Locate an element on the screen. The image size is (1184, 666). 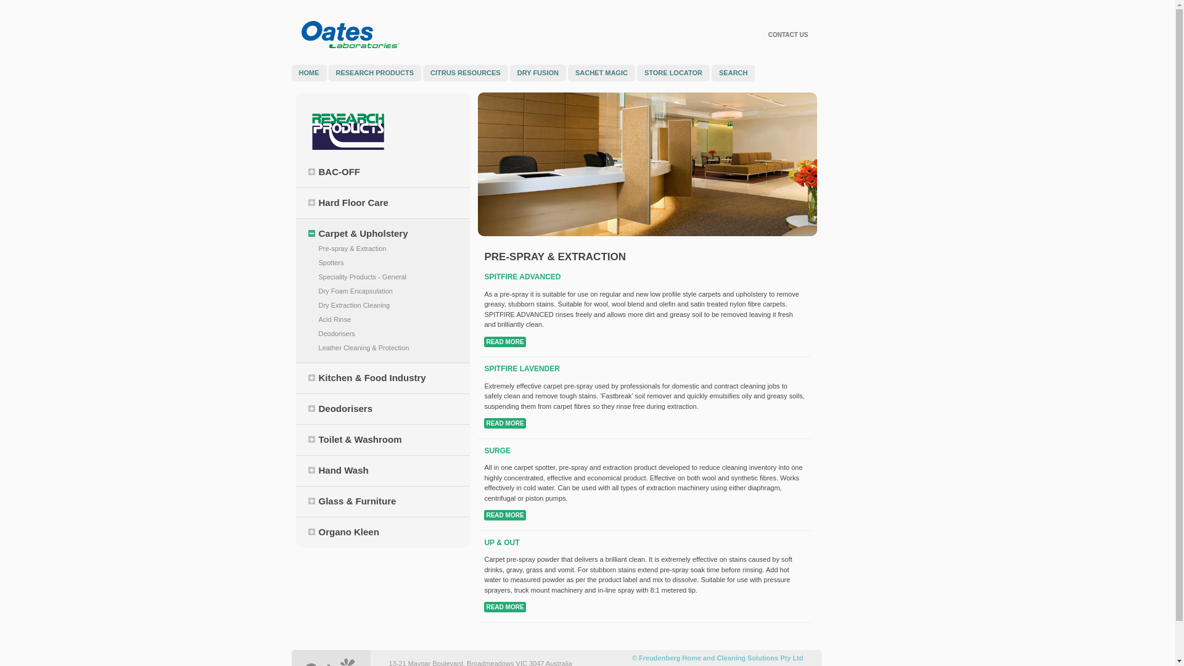
'HOME' is located at coordinates (308, 73).